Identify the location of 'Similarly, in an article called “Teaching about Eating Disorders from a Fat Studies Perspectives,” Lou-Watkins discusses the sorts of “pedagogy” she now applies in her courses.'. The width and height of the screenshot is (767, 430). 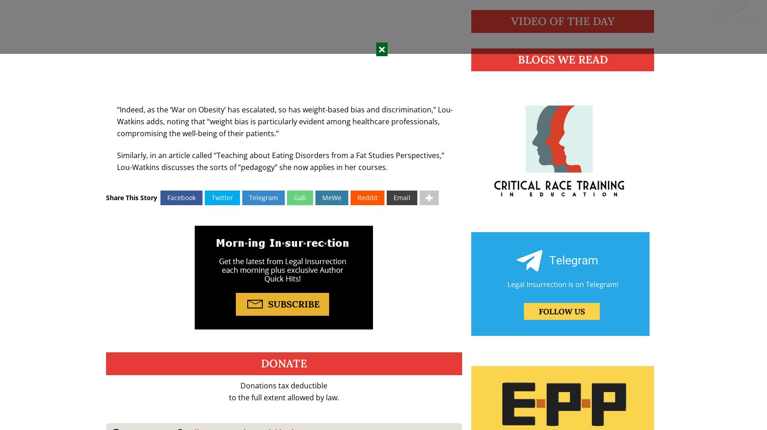
(279, 161).